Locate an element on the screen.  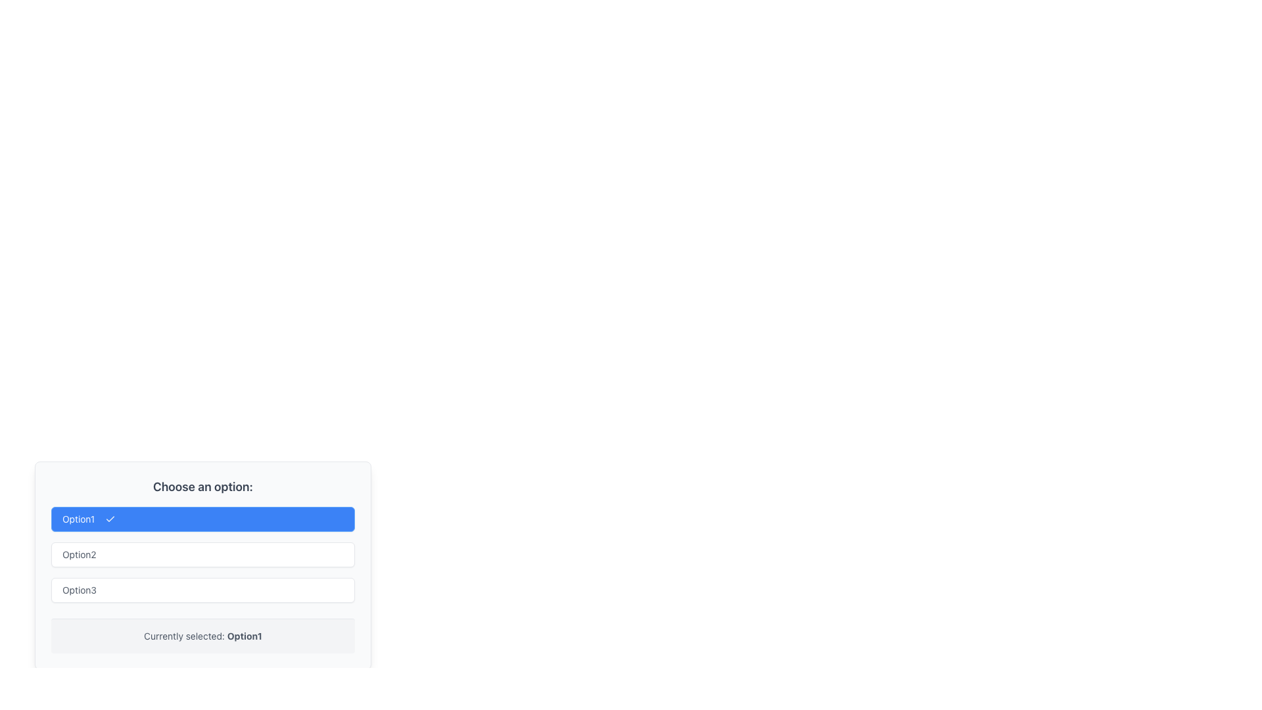
the text label displaying 'Currently selected: Option1', which is located within a light-gray block at the bottom of the interface is located at coordinates (202, 636).